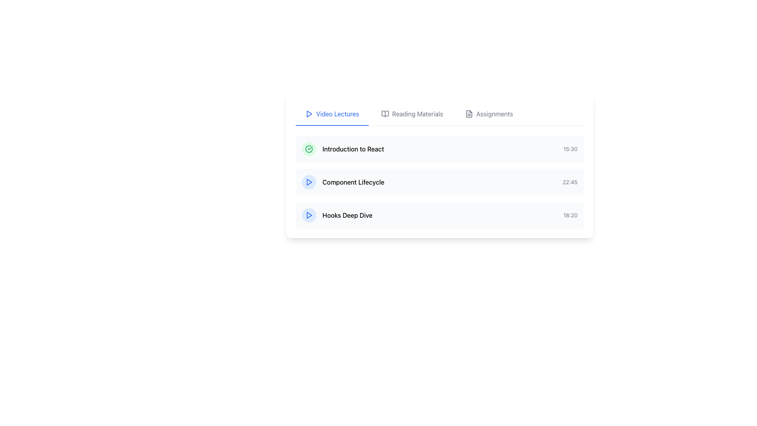 The width and height of the screenshot is (757, 426). Describe the element at coordinates (489, 114) in the screenshot. I see `the navigation button for assignments, which is the third button in a row of three navigation items` at that location.